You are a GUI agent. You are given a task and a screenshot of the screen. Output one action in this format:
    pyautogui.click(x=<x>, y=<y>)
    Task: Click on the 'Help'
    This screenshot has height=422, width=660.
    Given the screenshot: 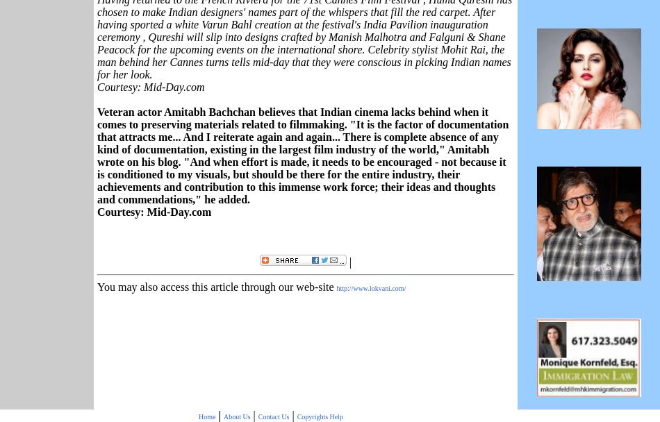 What is the action you would take?
    pyautogui.click(x=328, y=415)
    